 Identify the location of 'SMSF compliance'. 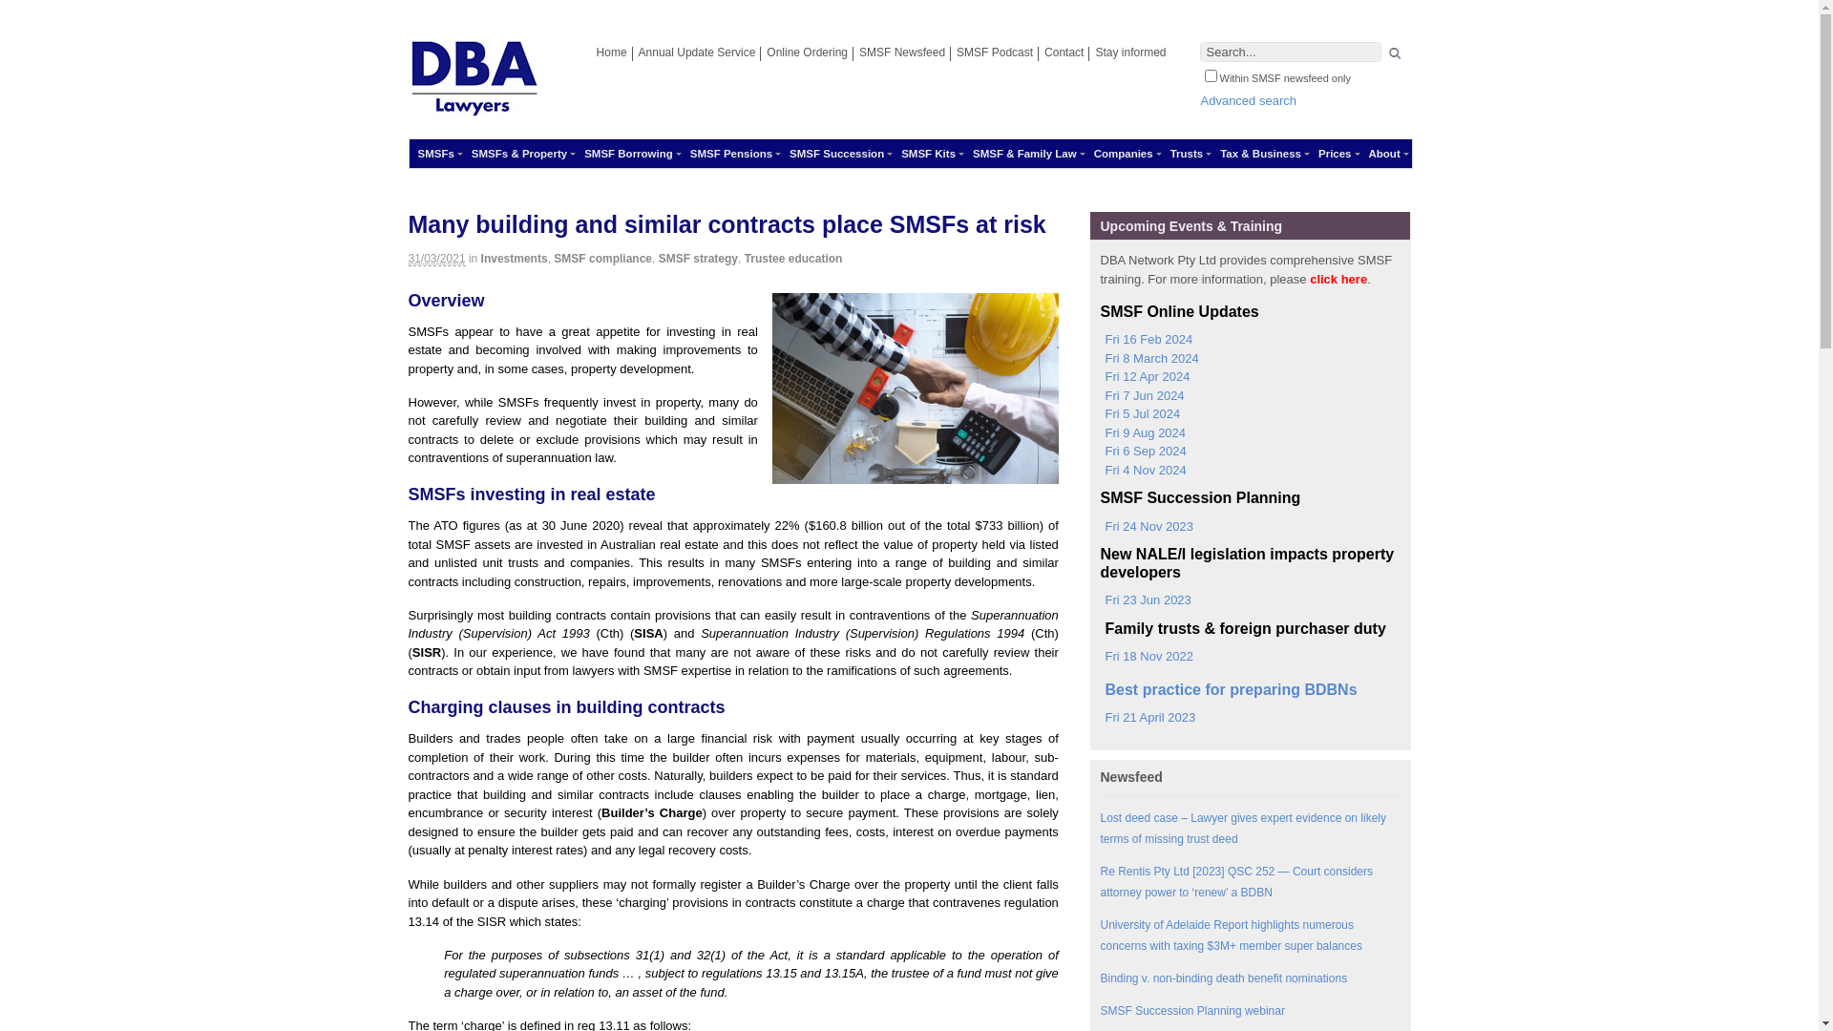
(601, 258).